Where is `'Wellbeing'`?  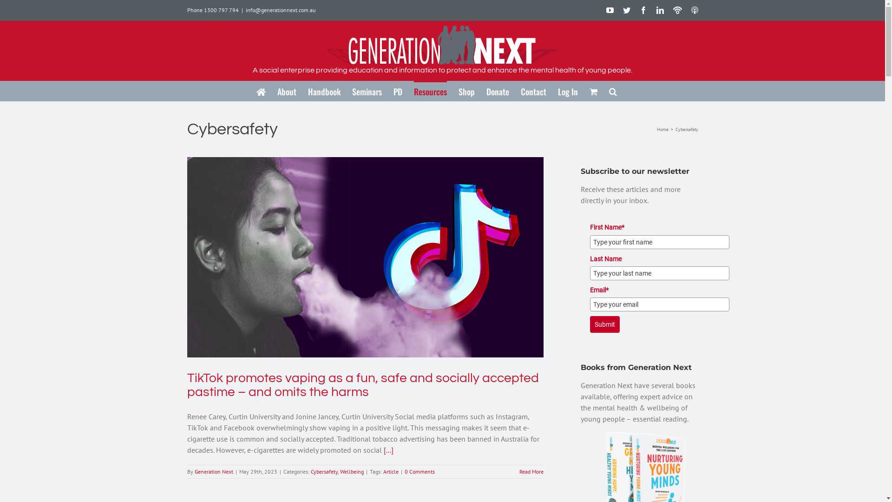
'Wellbeing' is located at coordinates (351, 471).